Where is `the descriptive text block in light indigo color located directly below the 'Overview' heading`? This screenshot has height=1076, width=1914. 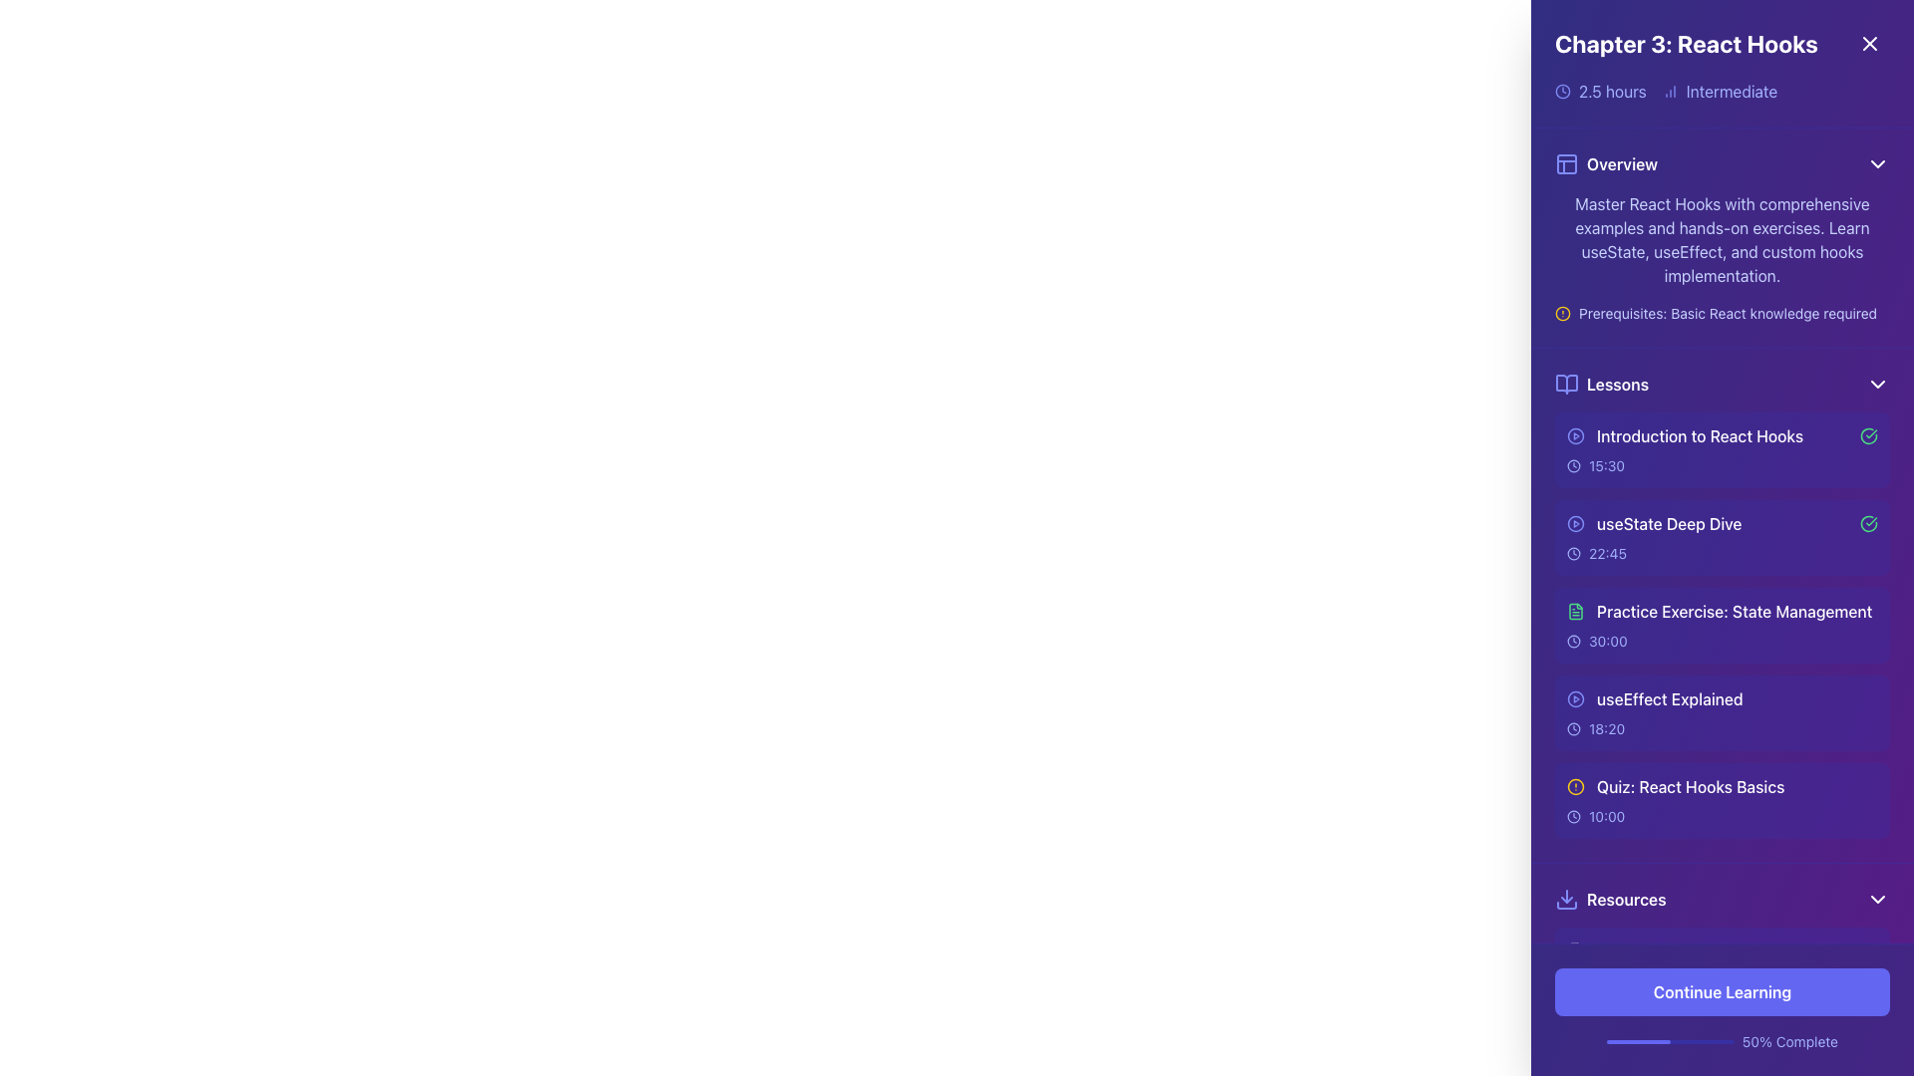
the descriptive text block in light indigo color located directly below the 'Overview' heading is located at coordinates (1722, 256).